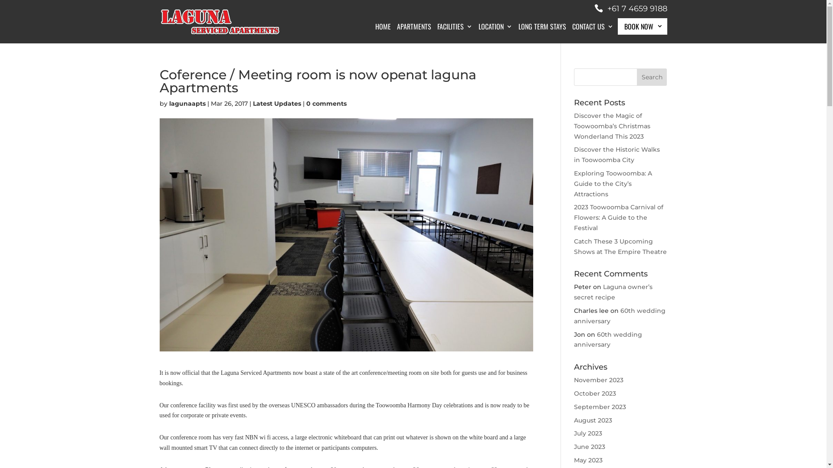 The image size is (833, 468). I want to click on 'APARTMENTS', so click(413, 33).